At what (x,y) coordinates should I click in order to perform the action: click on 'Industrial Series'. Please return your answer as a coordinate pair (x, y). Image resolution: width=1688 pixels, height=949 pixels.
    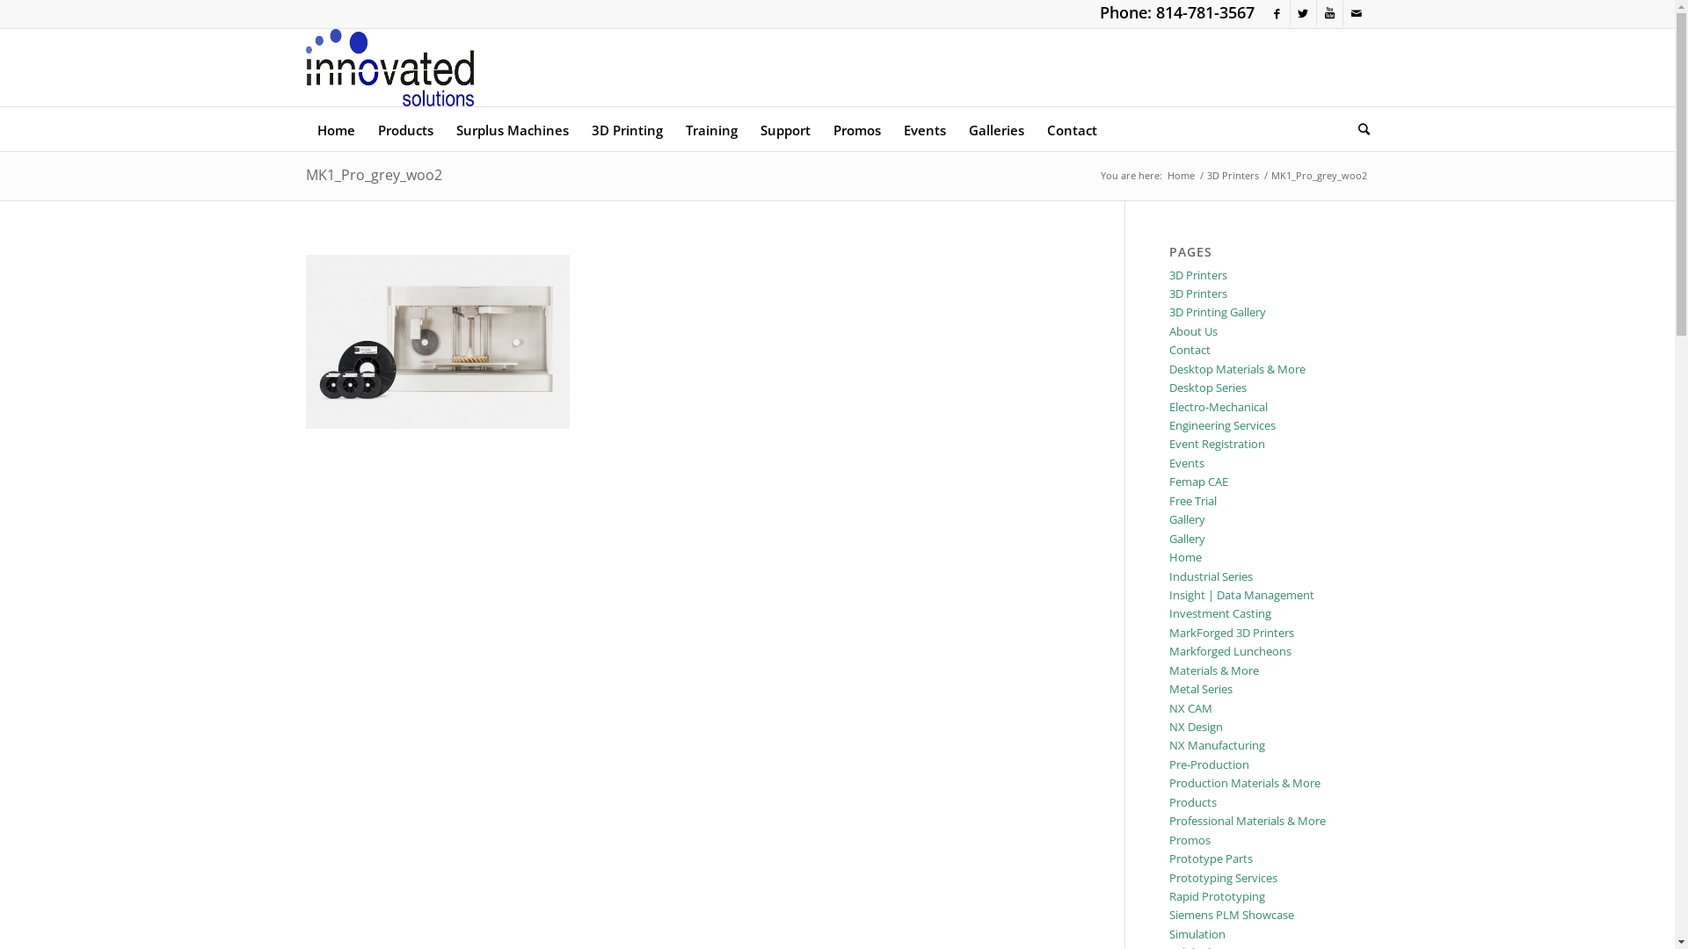
    Looking at the image, I should click on (1210, 576).